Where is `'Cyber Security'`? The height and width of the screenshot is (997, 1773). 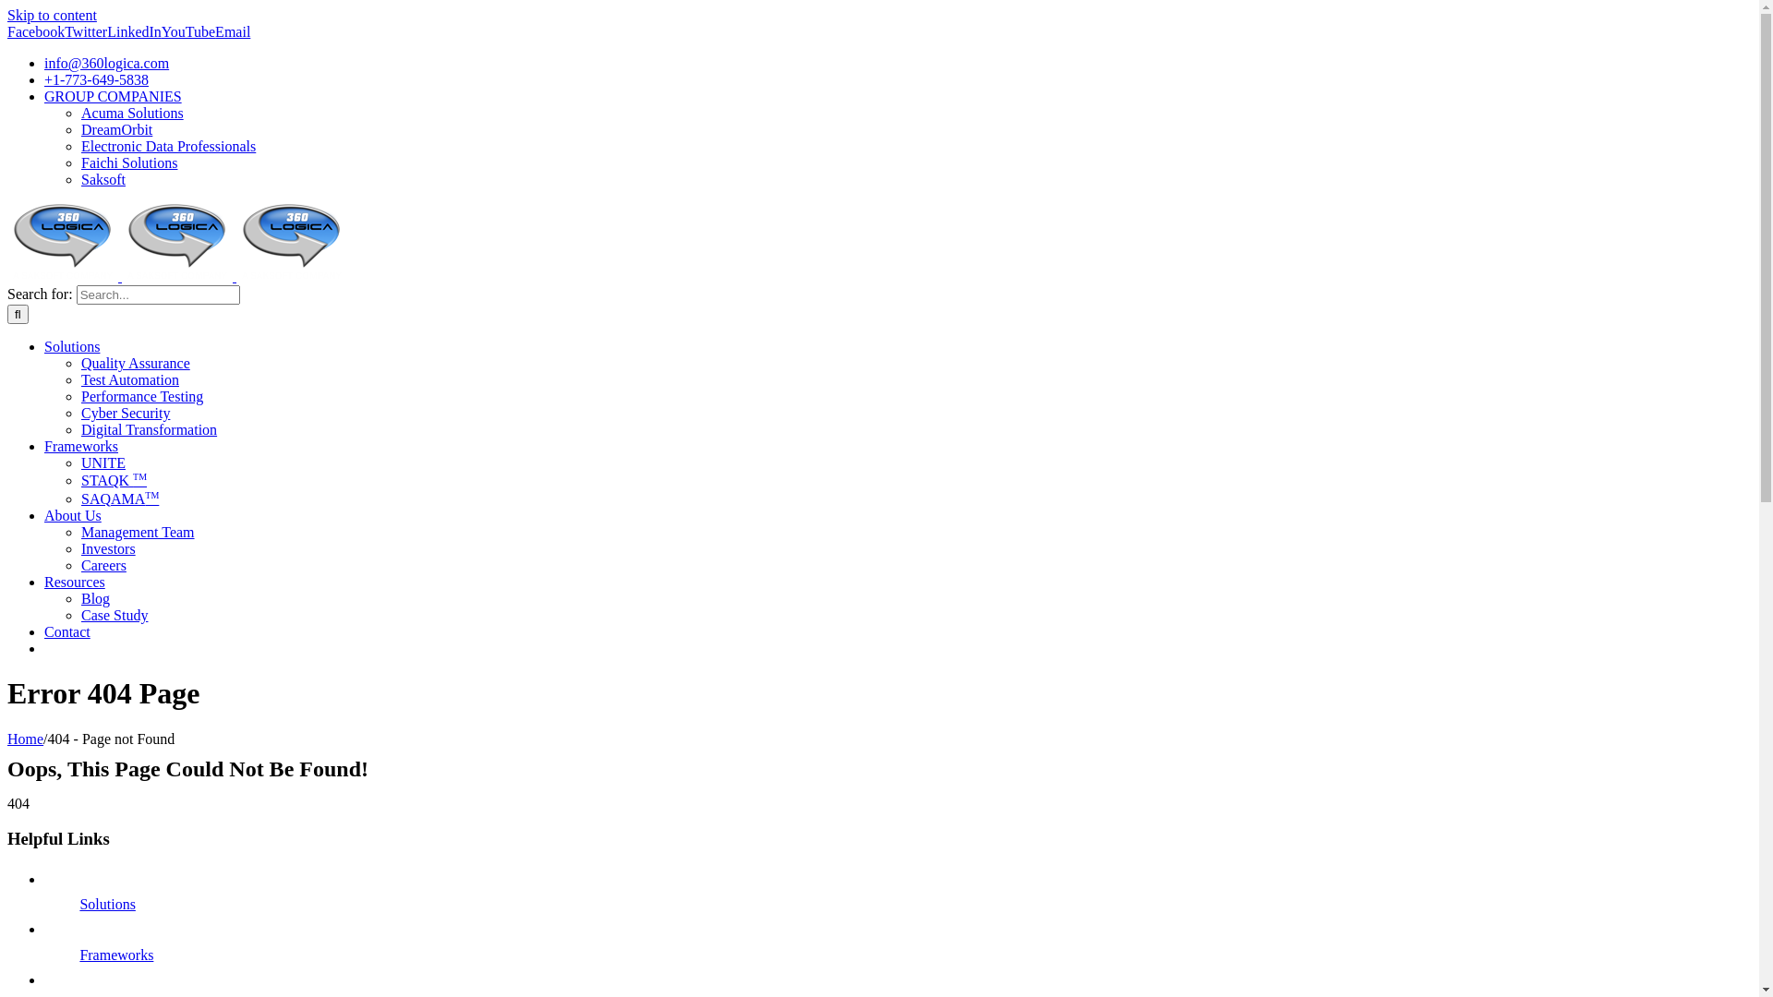
'Cyber Security' is located at coordinates (79, 412).